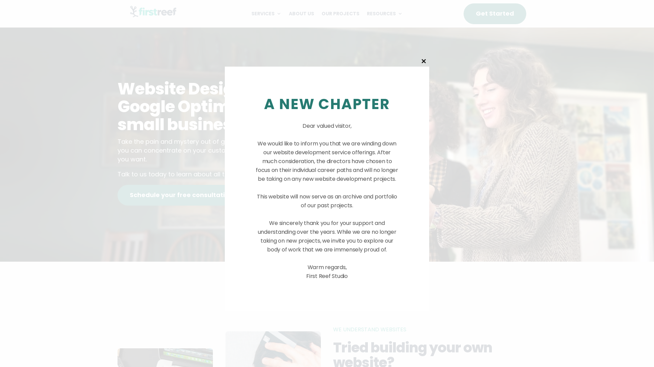  Describe the element at coordinates (423, 61) in the screenshot. I see `'Close this module'` at that location.